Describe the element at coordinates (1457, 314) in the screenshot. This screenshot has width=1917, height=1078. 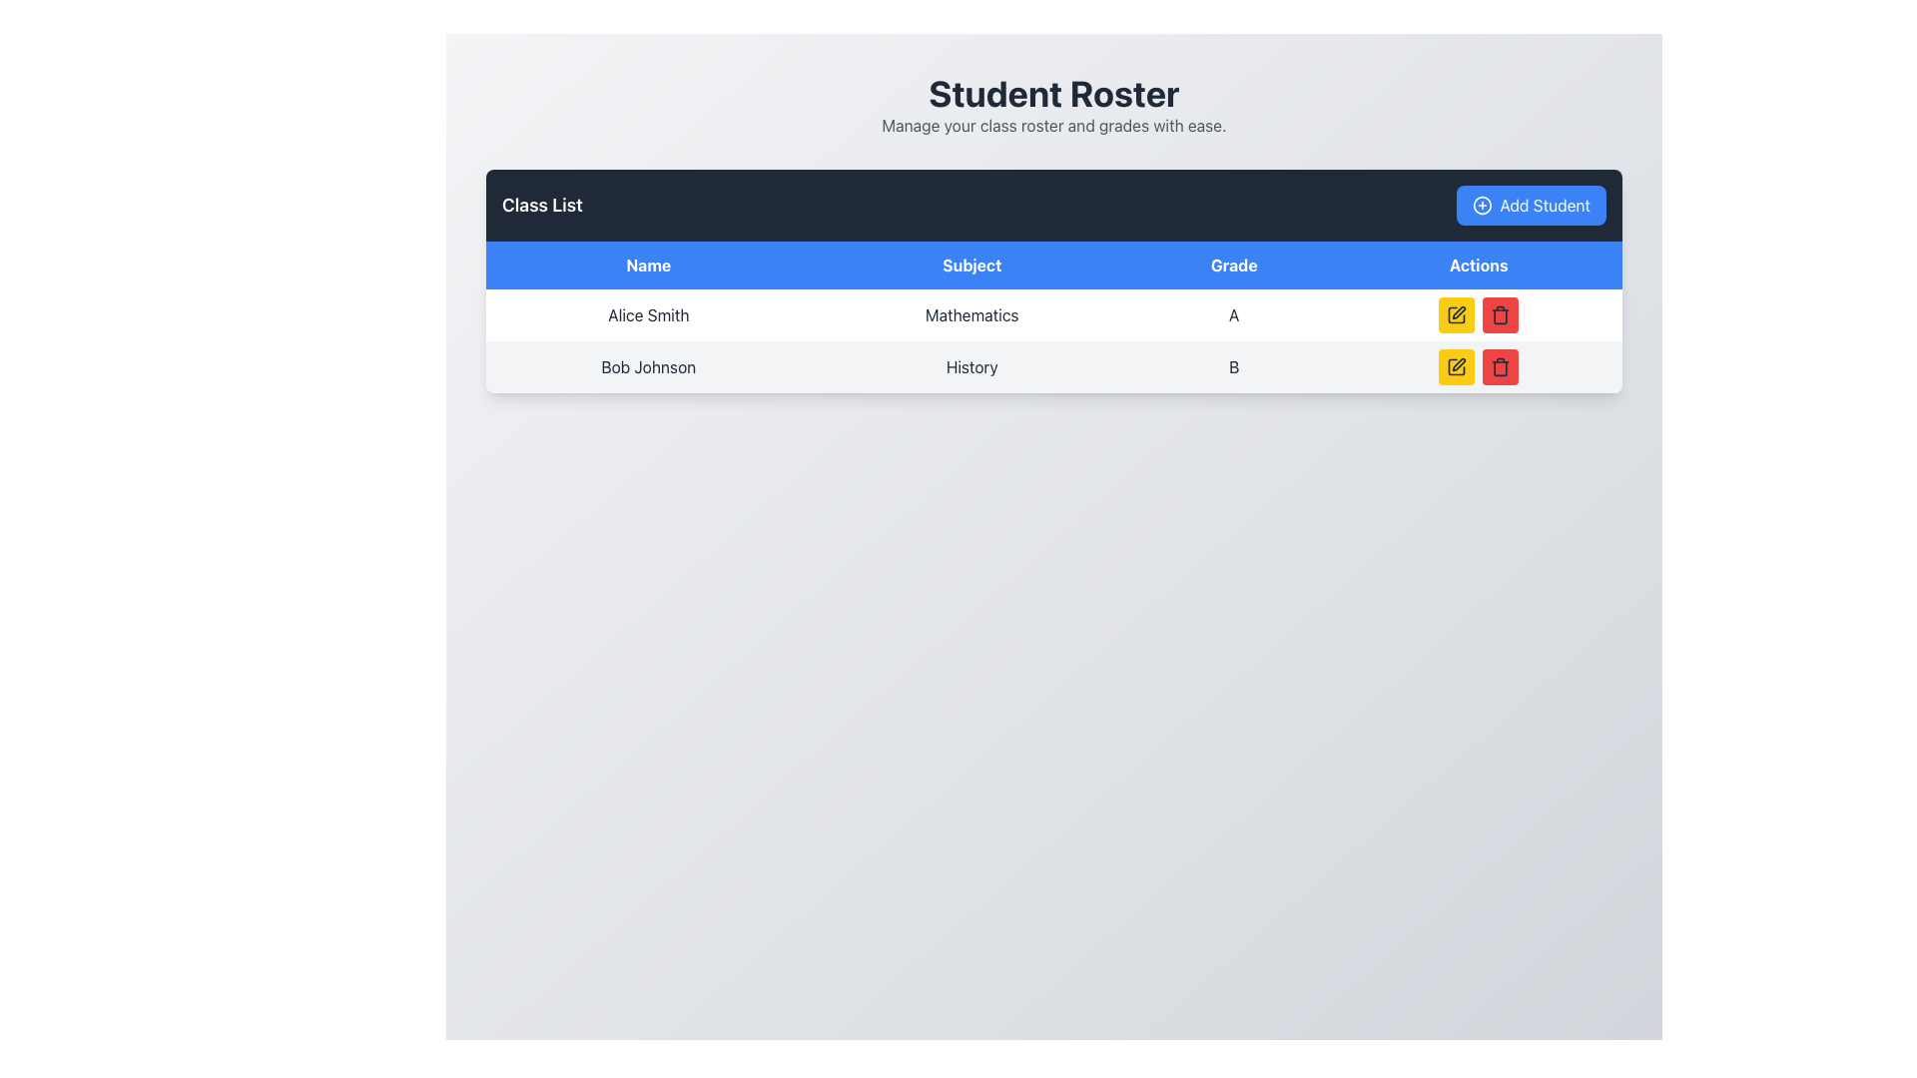
I see `the edit icon resembling a black square outlined in yellow, located in the 'Actions' column of the second row, to the left of the red trash icon associated with 'Bob Johnson.'` at that location.